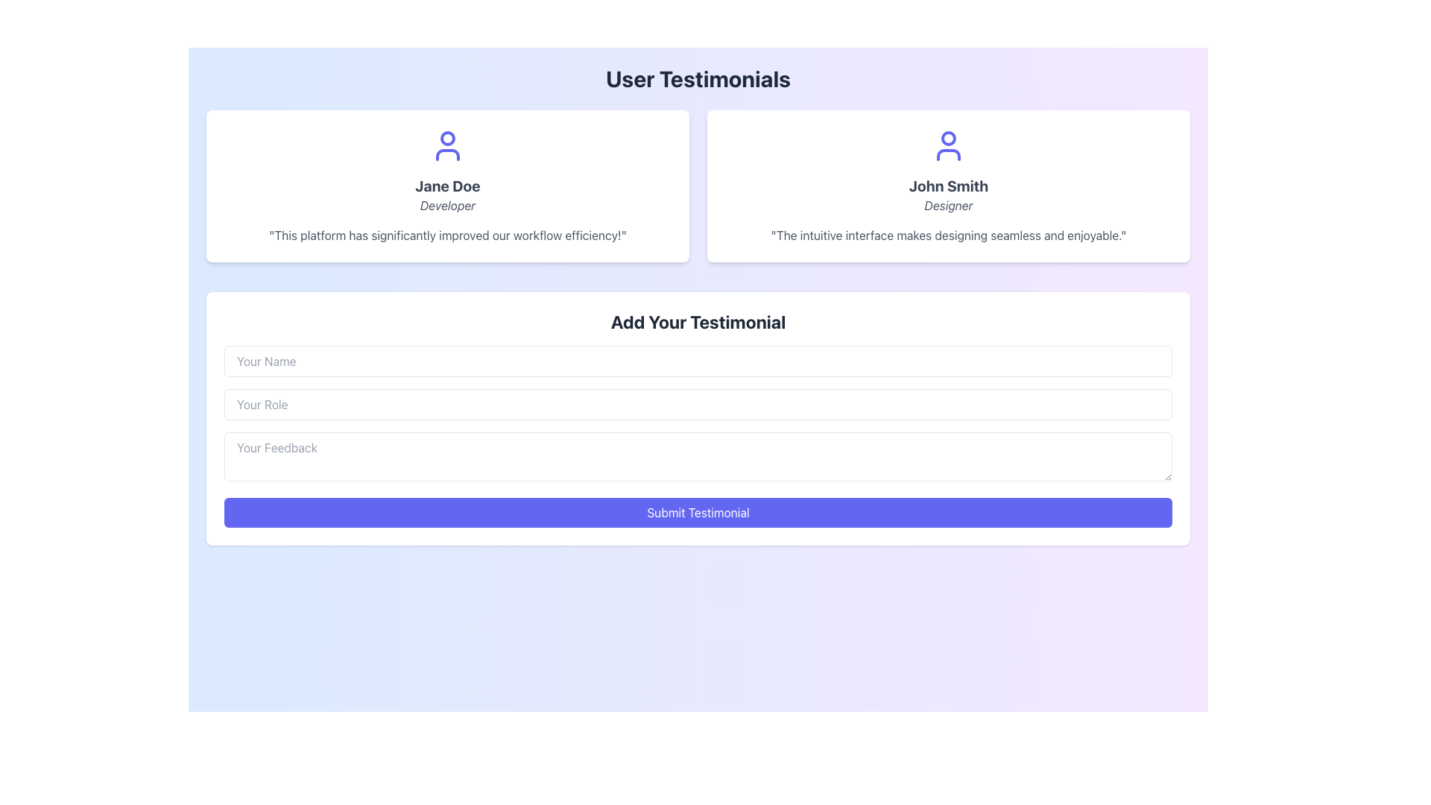  I want to click on the 'Designer' text label, which is styled in gray, italicized, and center-aligned, located below the 'John Smith' bold text in the User Testimonials section, so click(947, 206).